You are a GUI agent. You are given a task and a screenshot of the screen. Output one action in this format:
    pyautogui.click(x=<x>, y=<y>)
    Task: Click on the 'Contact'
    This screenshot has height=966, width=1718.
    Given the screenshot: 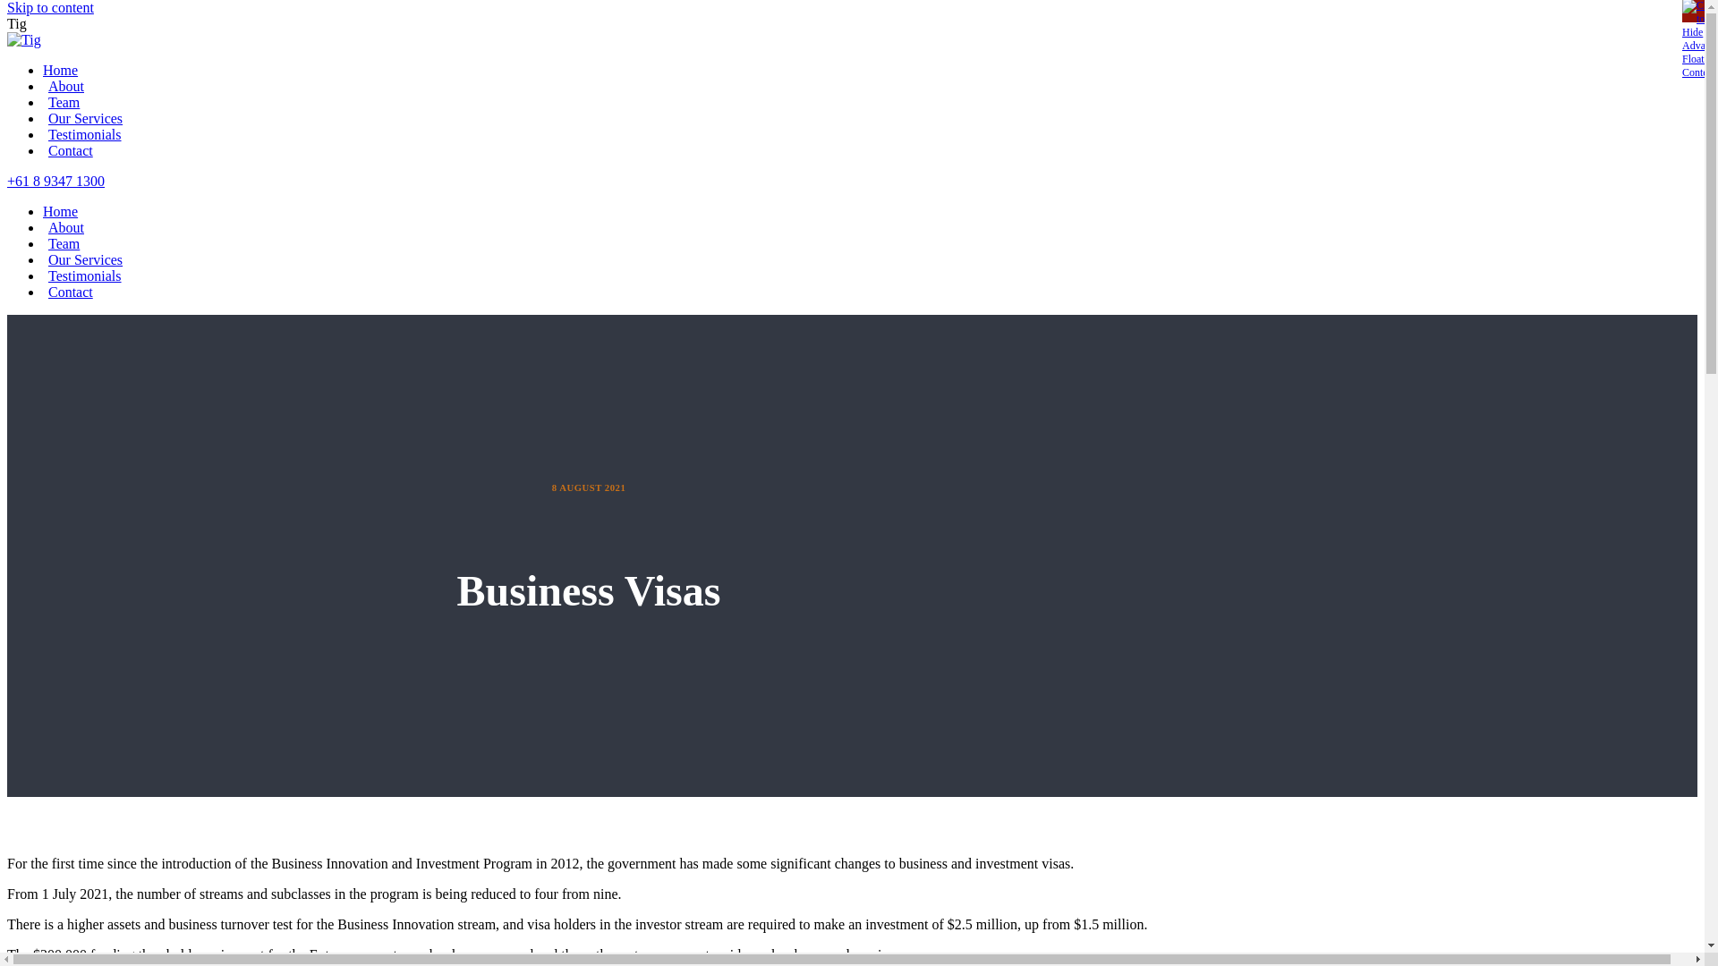 What is the action you would take?
    pyautogui.click(x=68, y=149)
    